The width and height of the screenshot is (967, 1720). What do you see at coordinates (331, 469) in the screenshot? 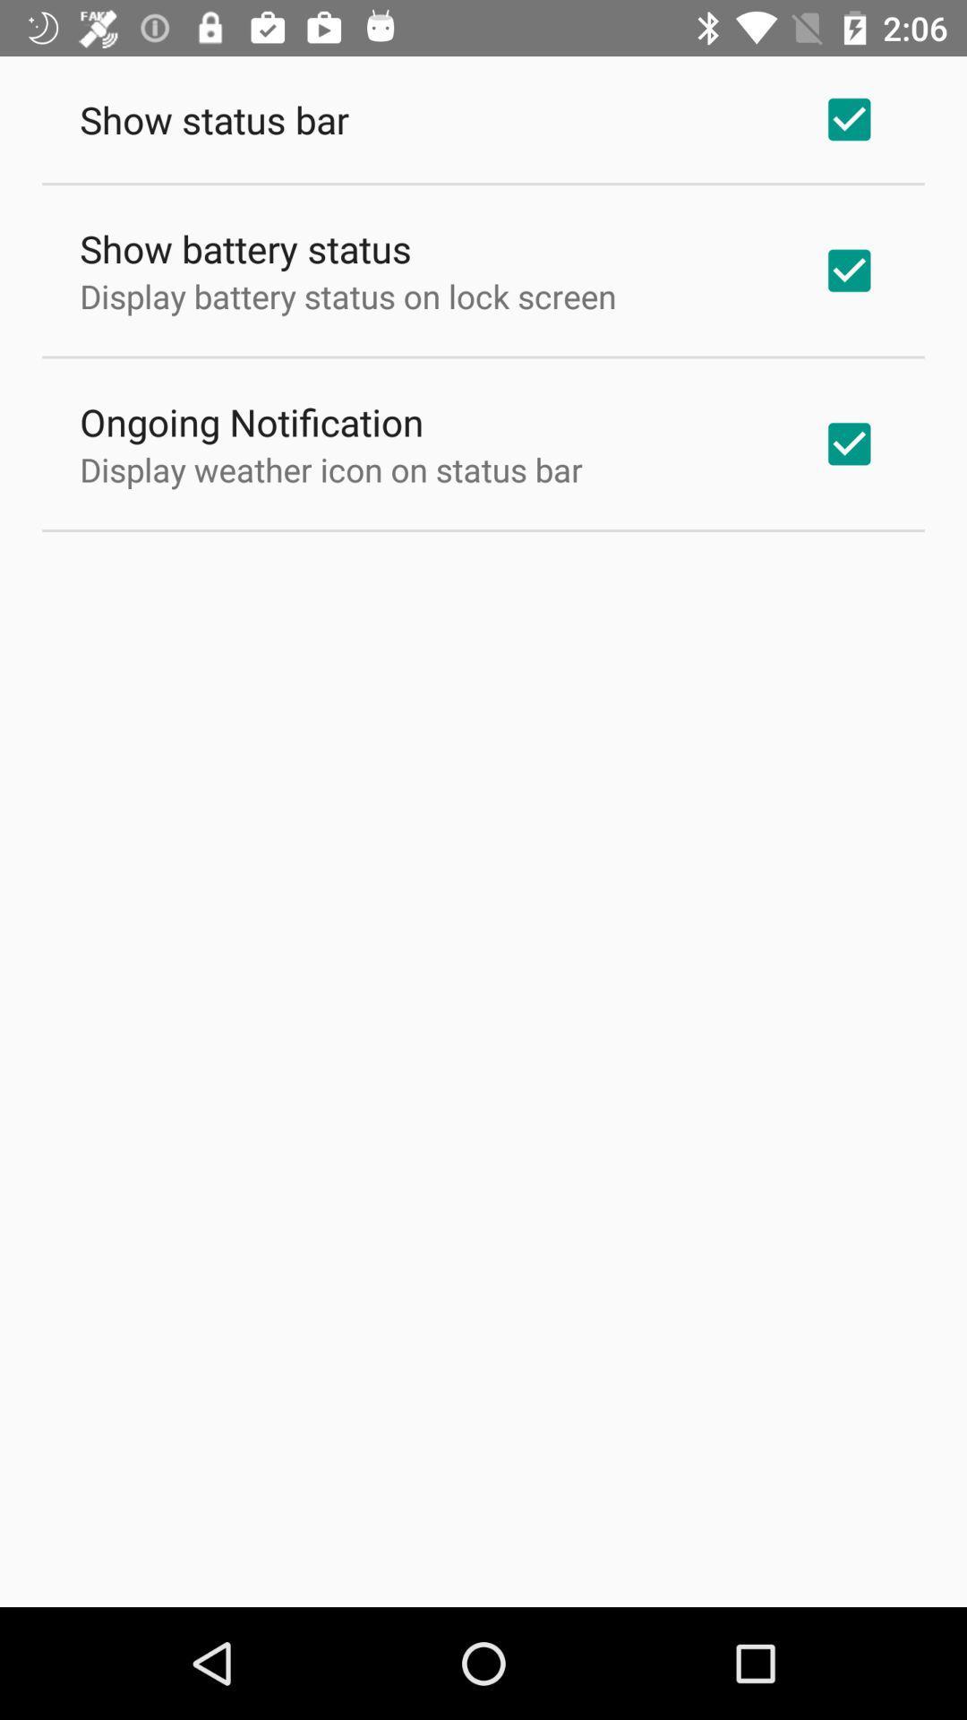
I see `item below the ongoing notification icon` at bounding box center [331, 469].